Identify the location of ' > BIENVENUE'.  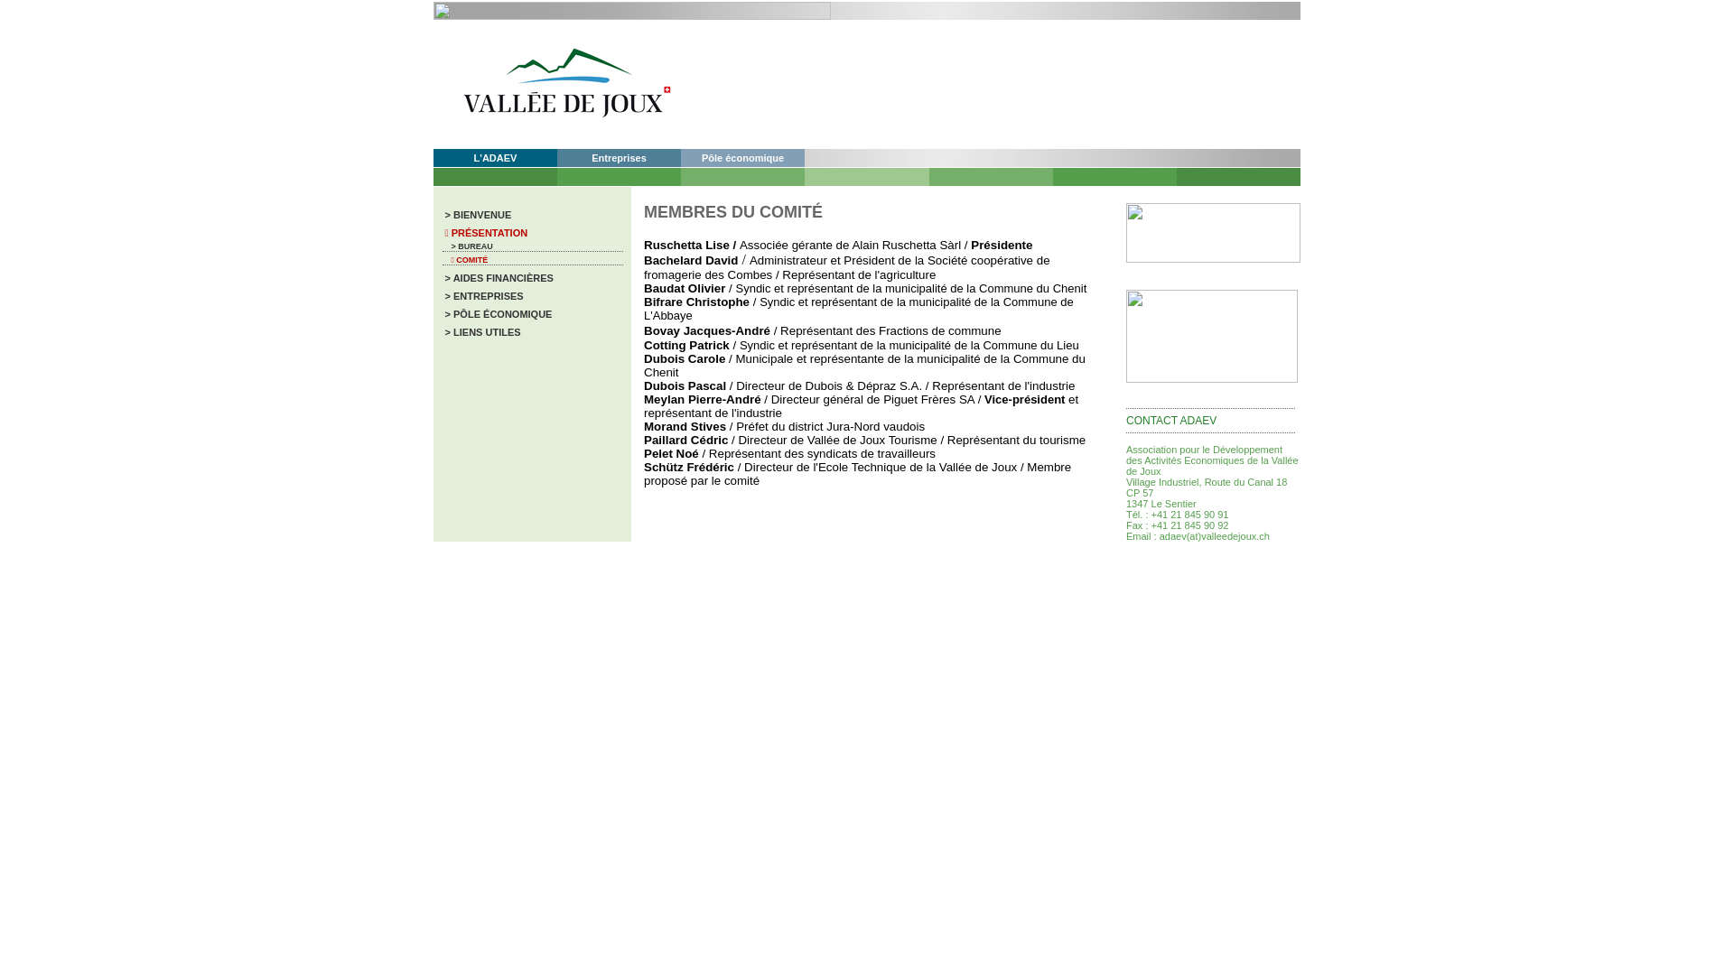
(442, 214).